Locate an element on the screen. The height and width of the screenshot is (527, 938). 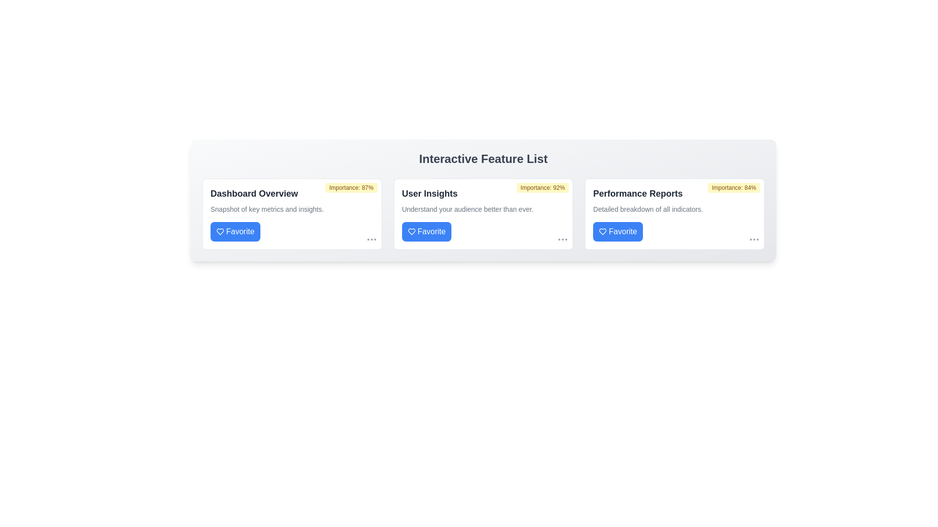
the card labeled 'Dashboard Overview' to observe the hover effect is located at coordinates (291, 214).